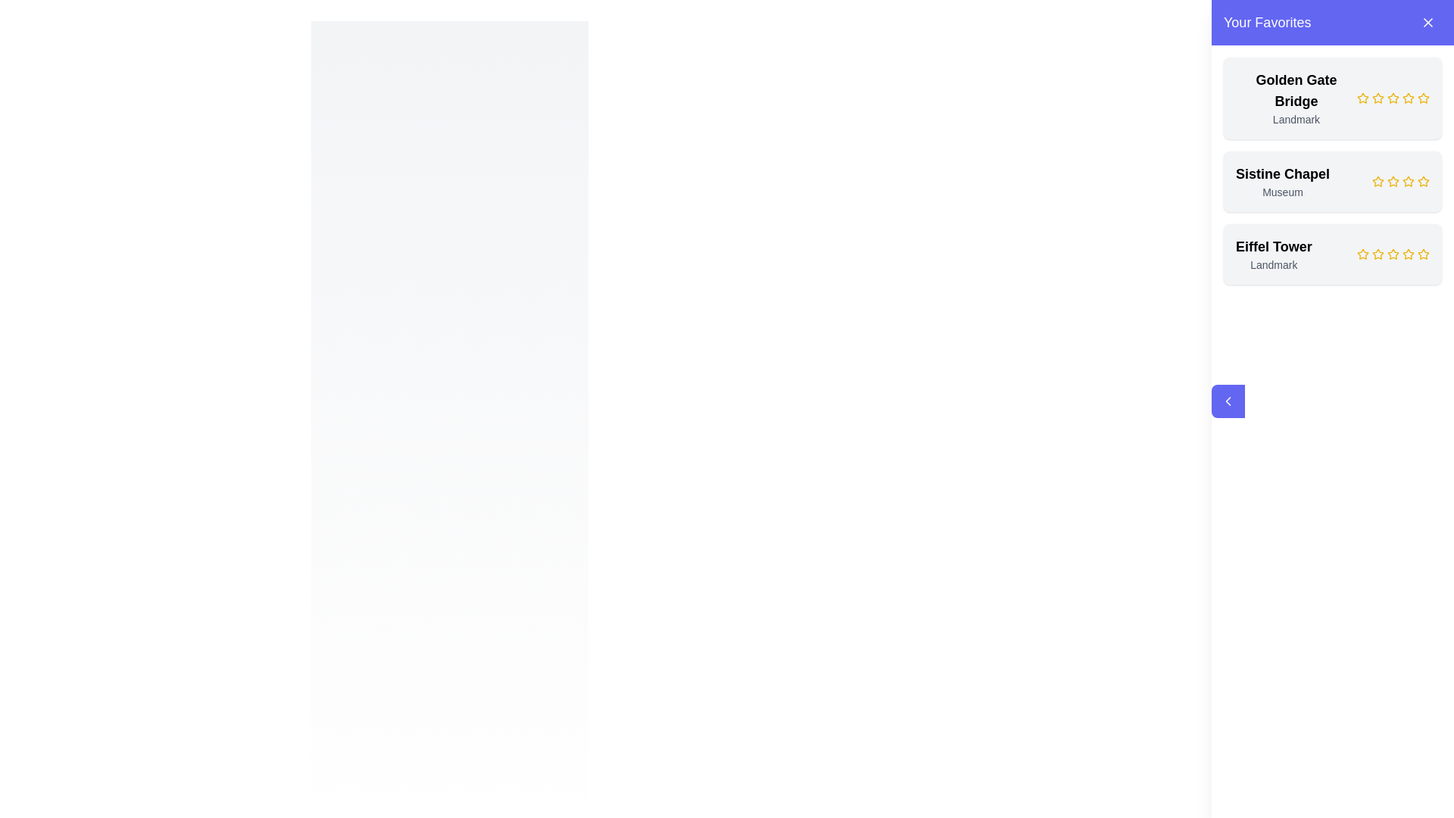  What do you see at coordinates (1408, 253) in the screenshot?
I see `the sixth star icon, which is a hollow outline yellow star in the rating indicator of the 'Eiffel Tower' item in the 'Your Favorites' panel` at bounding box center [1408, 253].